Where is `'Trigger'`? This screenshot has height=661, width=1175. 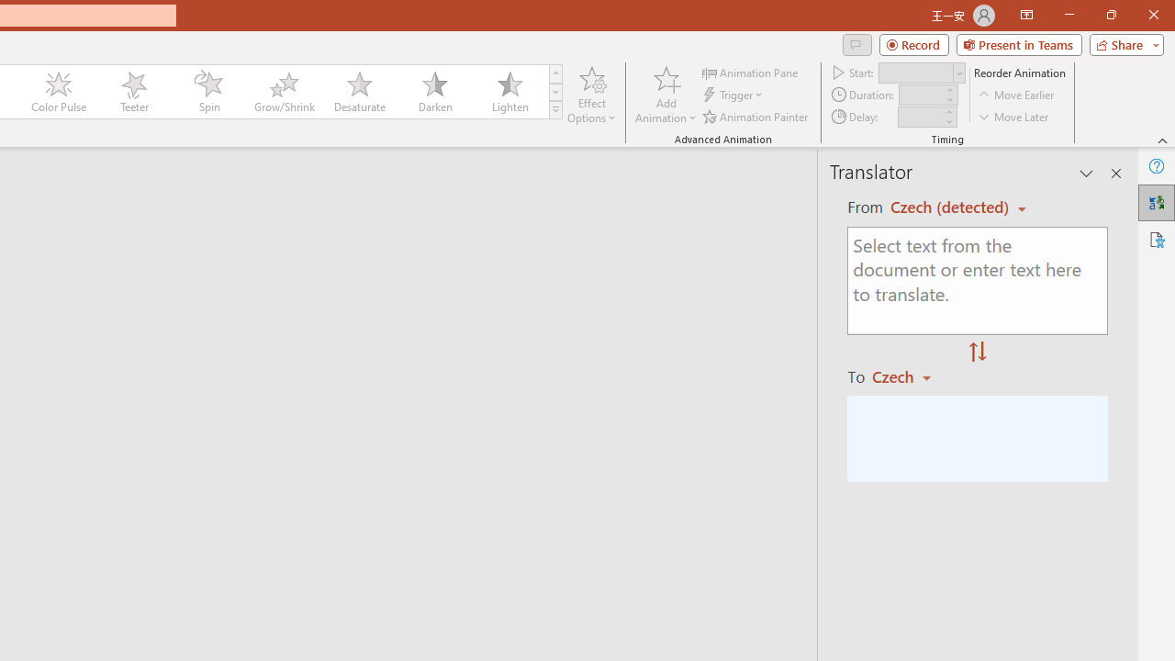
'Trigger' is located at coordinates (734, 95).